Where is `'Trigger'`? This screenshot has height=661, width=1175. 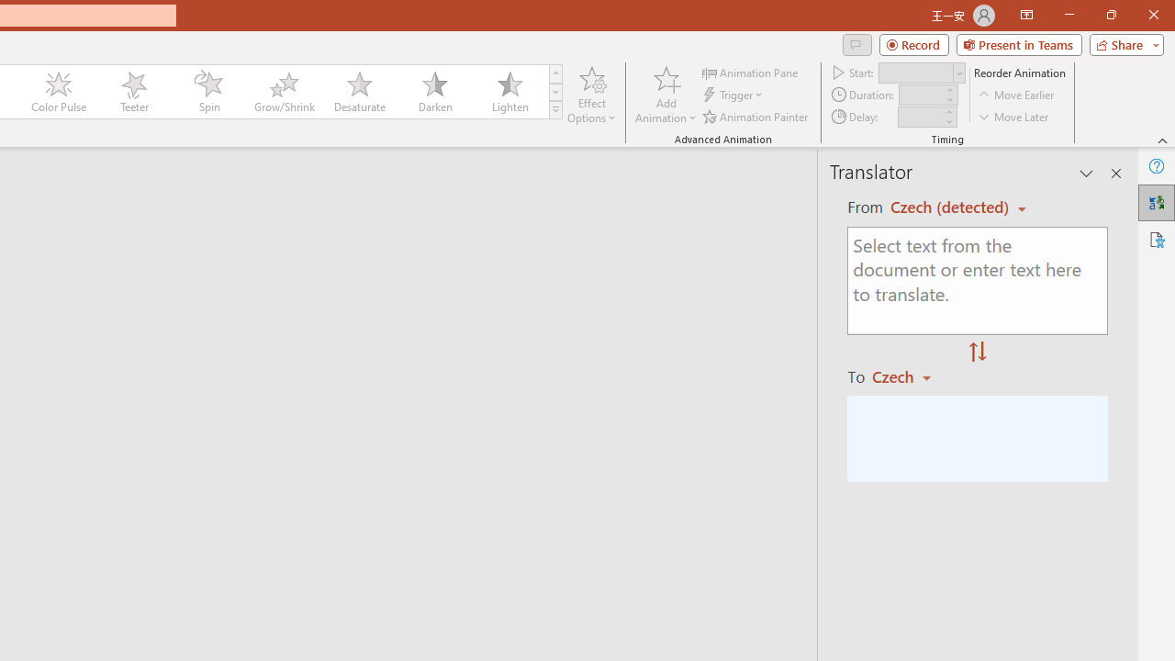
'Trigger' is located at coordinates (734, 95).